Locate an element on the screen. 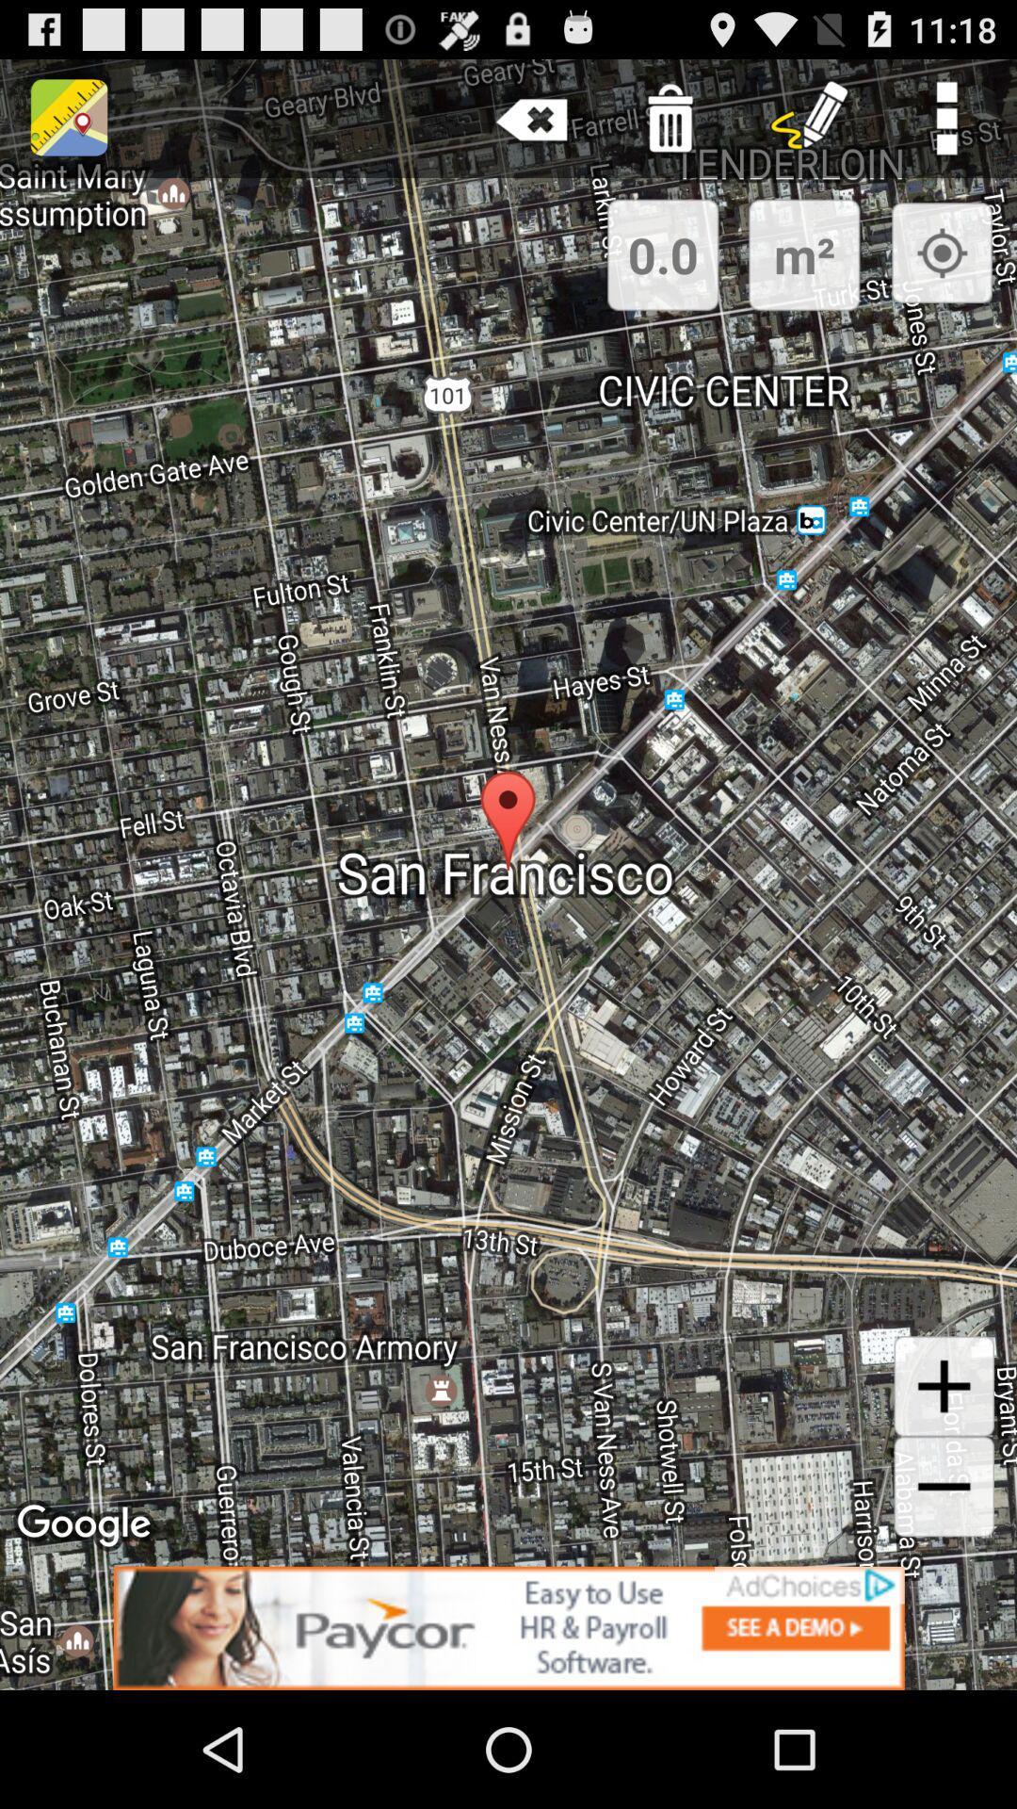 This screenshot has height=1809, width=1017. the add icon is located at coordinates (944, 1482).